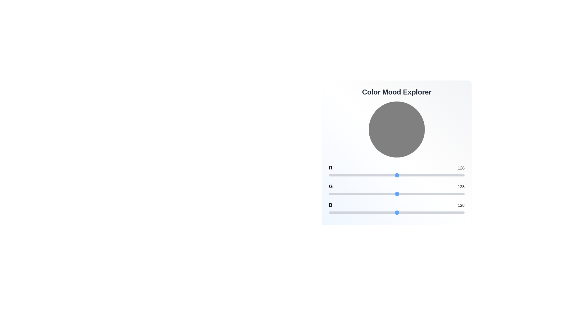  Describe the element at coordinates (455, 194) in the screenshot. I see `the 1 slider to set its value to 237` at that location.